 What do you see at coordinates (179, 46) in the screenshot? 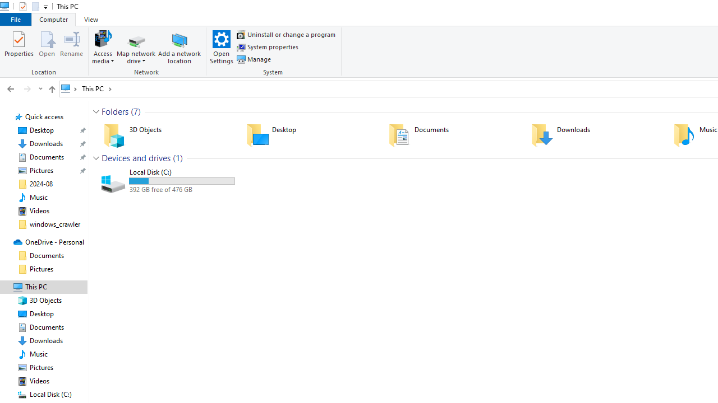
I see `'Add a network location'` at bounding box center [179, 46].